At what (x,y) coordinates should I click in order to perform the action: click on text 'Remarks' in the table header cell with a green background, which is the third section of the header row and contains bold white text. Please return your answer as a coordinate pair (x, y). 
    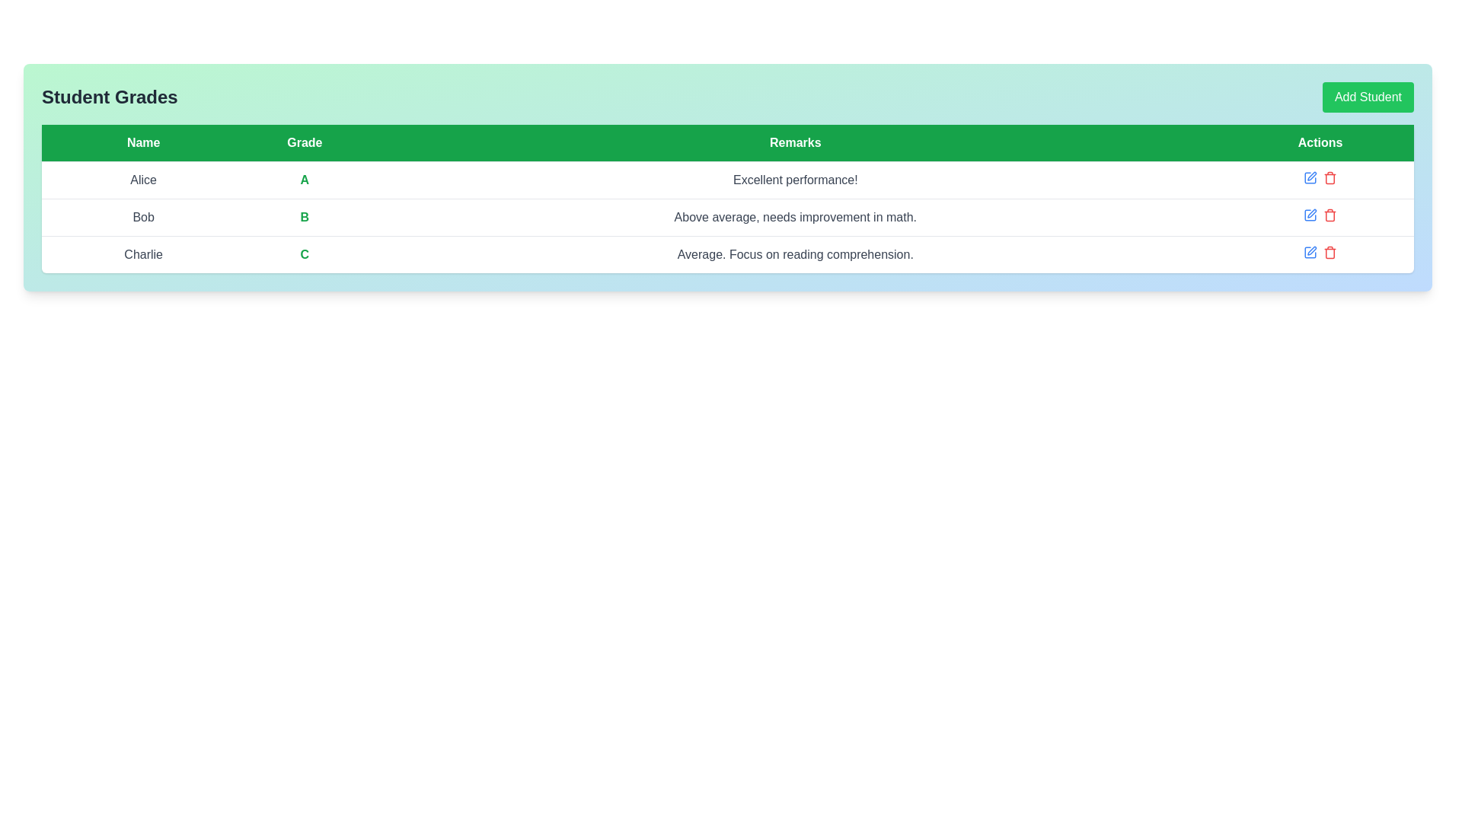
    Looking at the image, I should click on (794, 143).